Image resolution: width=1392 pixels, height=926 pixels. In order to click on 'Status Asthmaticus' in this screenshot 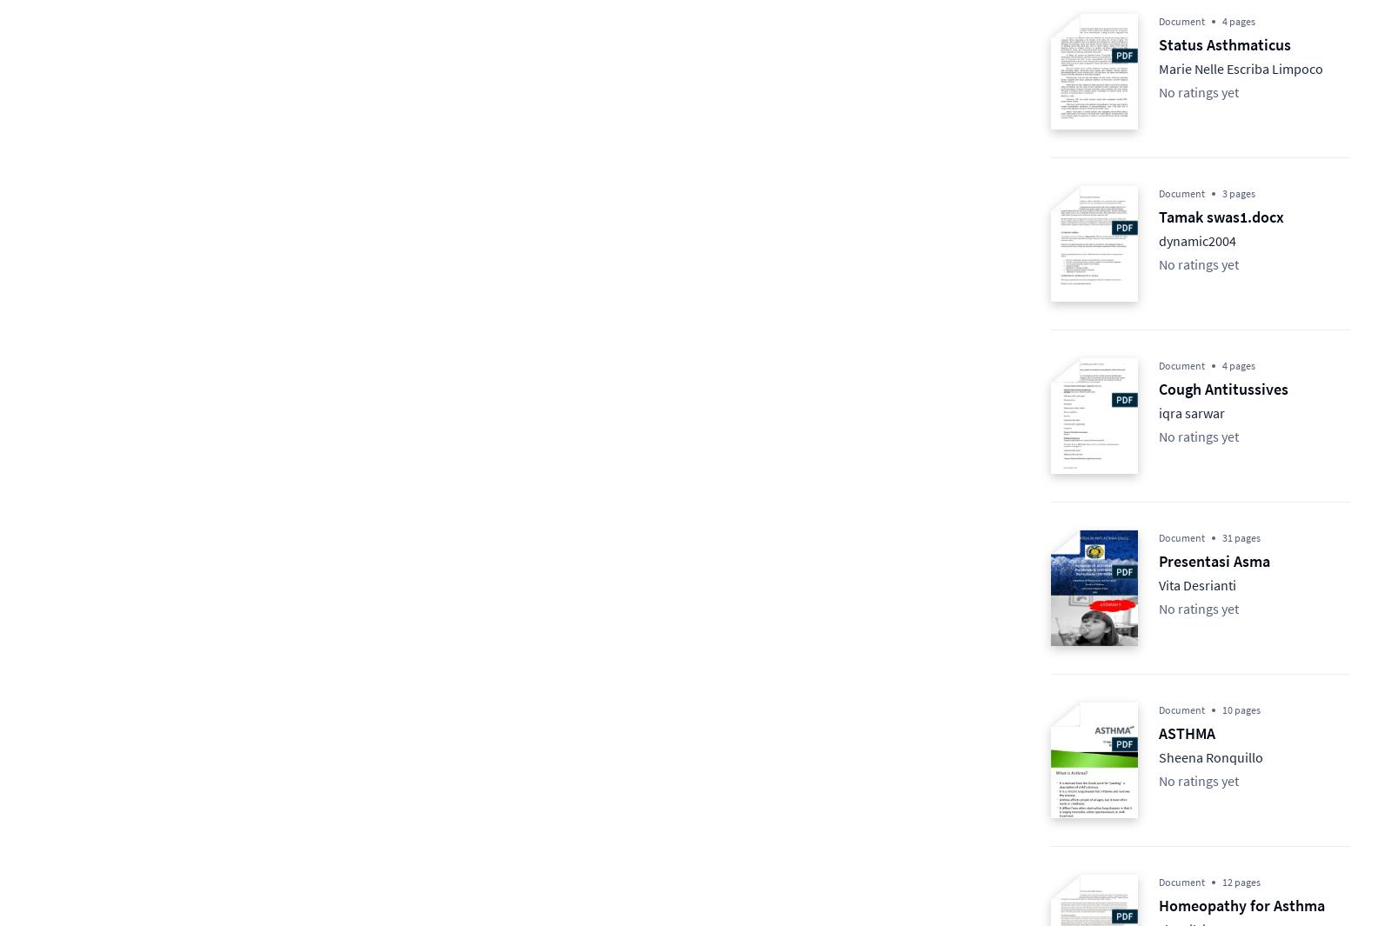, I will do `click(1225, 43)`.